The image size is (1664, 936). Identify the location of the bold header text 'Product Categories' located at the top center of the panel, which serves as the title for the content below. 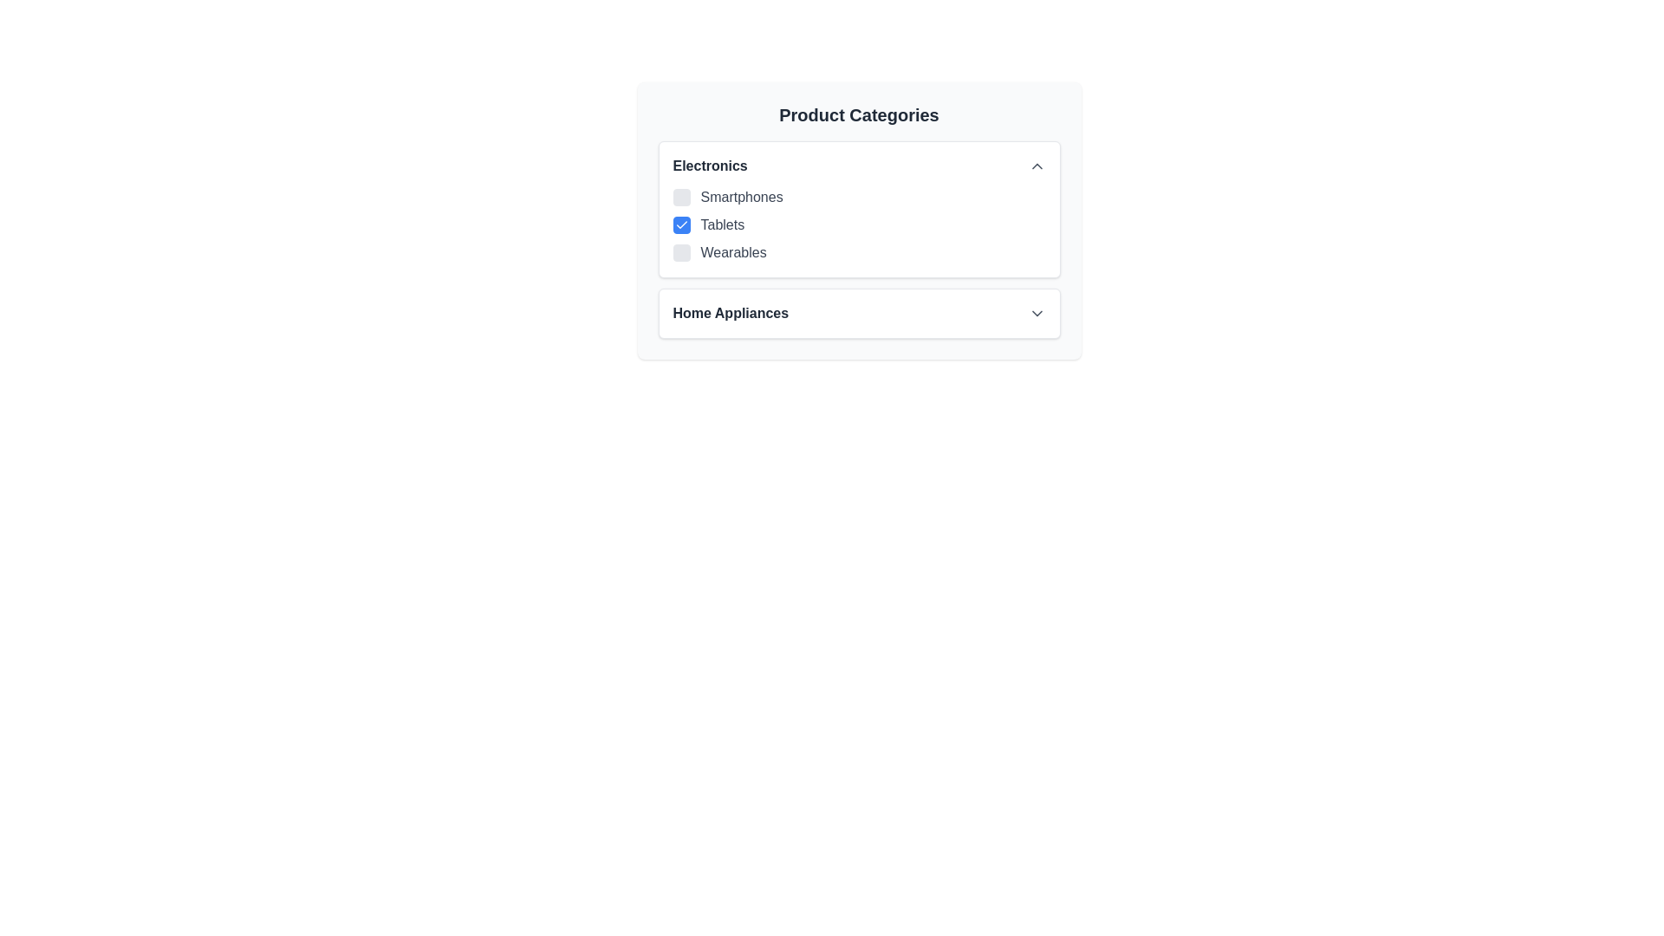
(859, 114).